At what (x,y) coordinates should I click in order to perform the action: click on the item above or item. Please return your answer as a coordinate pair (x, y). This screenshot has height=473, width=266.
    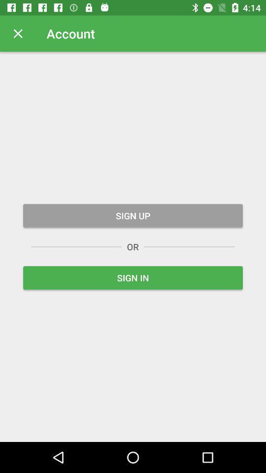
    Looking at the image, I should click on (133, 215).